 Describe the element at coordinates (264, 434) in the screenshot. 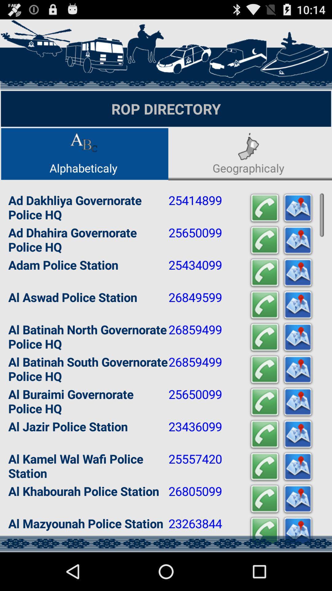

I see `call the police station` at that location.